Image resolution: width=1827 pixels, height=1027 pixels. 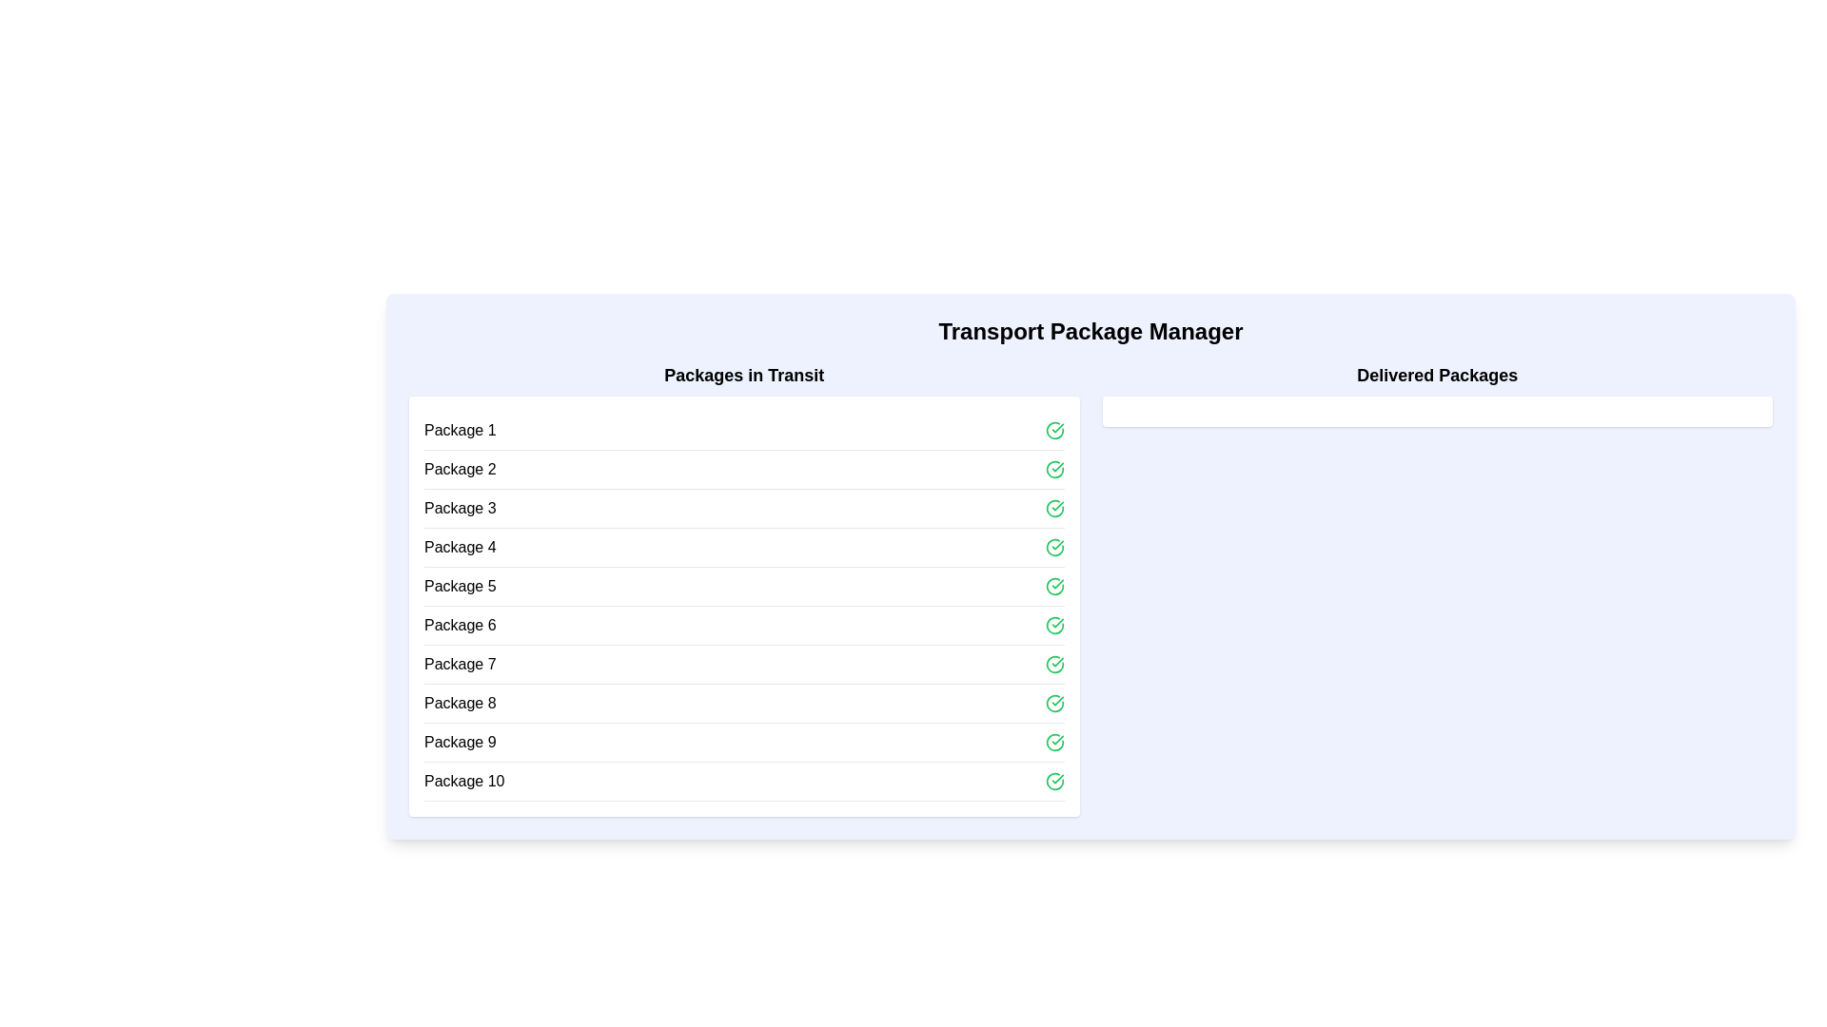 I want to click on the icon located to the far right of the 'Package 7' row within the 'Packages in Transit' section, so click(x=1053, y=663).